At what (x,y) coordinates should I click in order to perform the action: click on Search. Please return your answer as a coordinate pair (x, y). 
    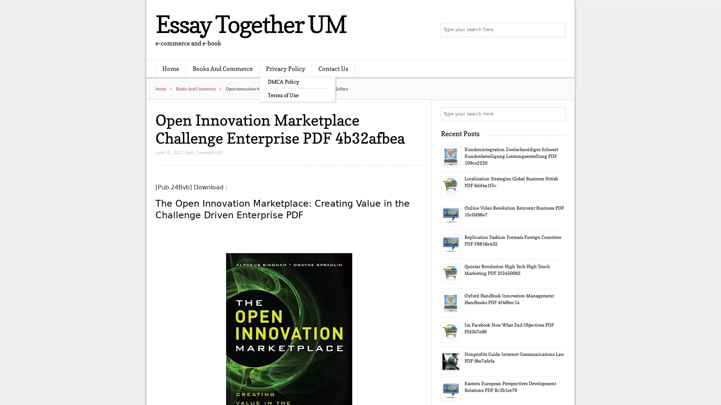
    Looking at the image, I should click on (558, 30).